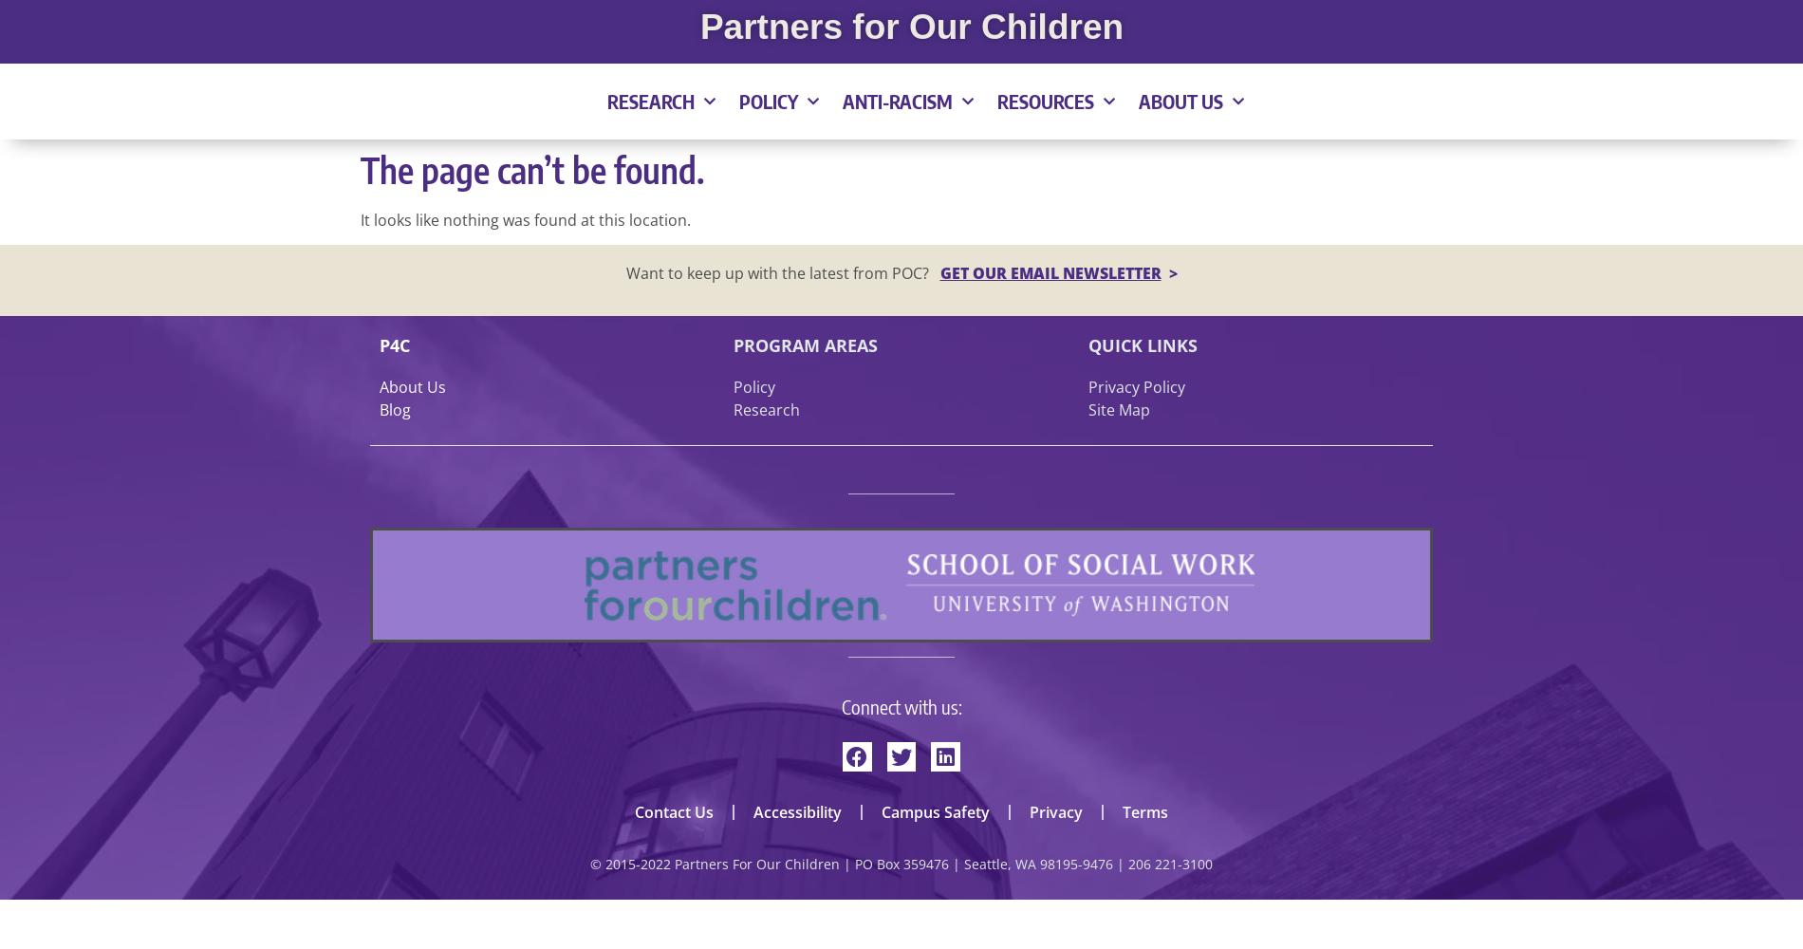  What do you see at coordinates (1167, 273) in the screenshot?
I see `'>'` at bounding box center [1167, 273].